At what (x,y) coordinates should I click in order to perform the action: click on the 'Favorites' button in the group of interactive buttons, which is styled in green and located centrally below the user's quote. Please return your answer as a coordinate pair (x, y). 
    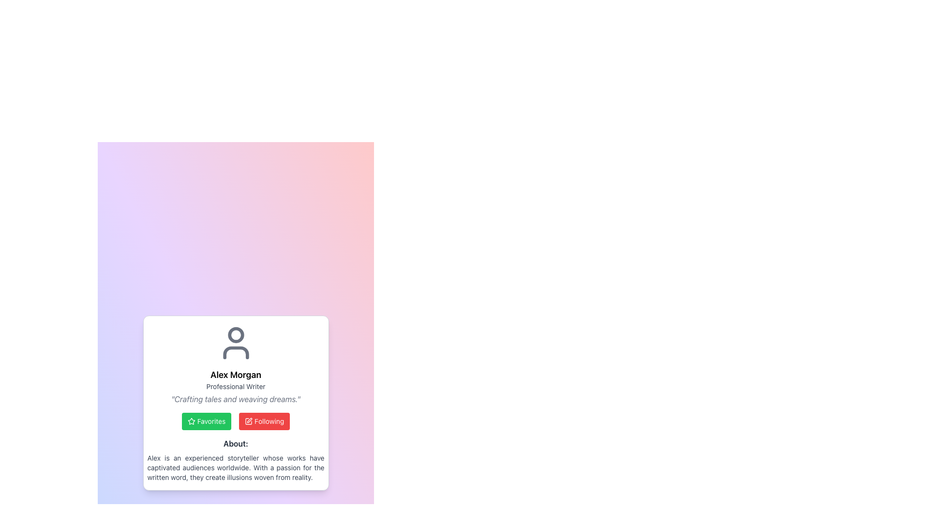
    Looking at the image, I should click on (236, 420).